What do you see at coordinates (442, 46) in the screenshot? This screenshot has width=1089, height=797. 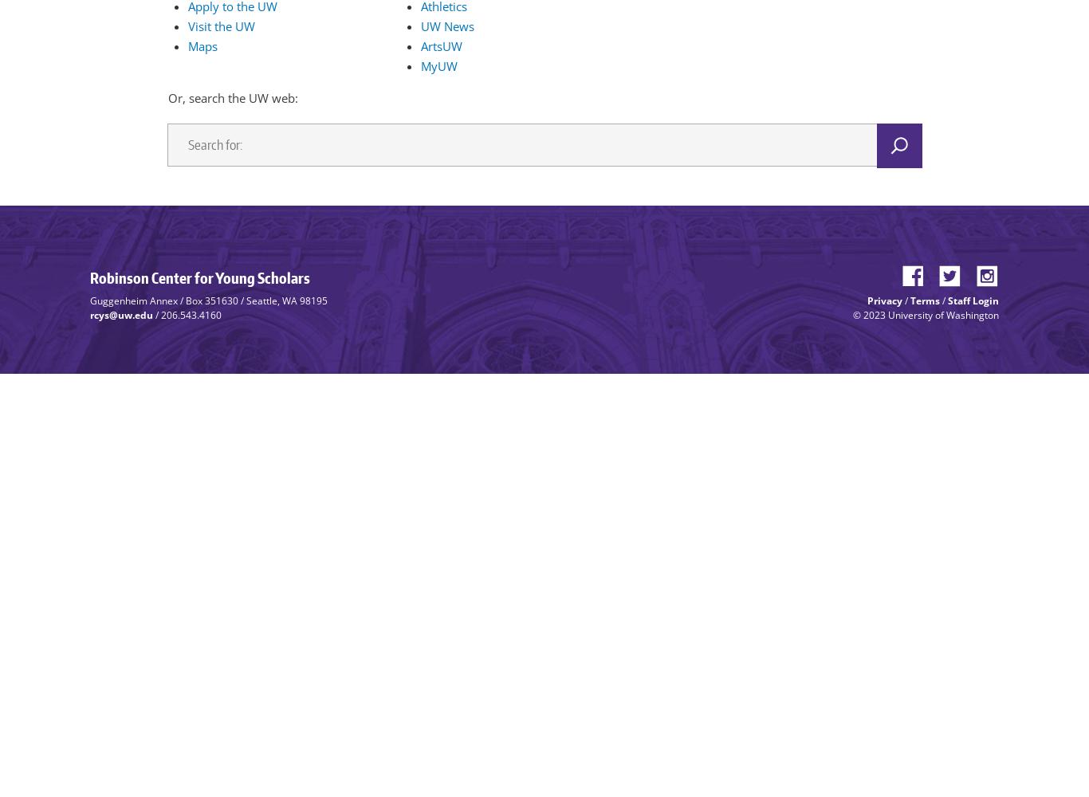 I see `'ArtsUW'` at bounding box center [442, 46].